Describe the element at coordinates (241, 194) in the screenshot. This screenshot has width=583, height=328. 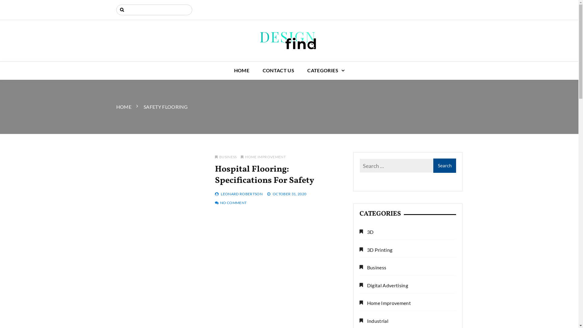
I see `'LEONARD ROBERTSON'` at that location.